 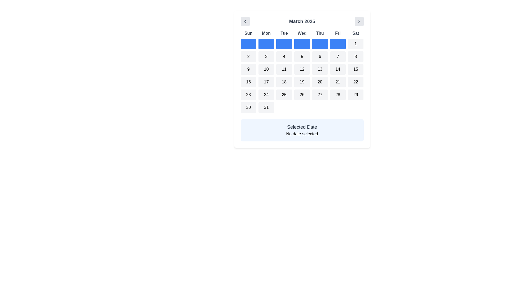 I want to click on the text label displaying 'Thu', which is the fifth element in a row representing the days of the week in a calendar grid, so click(x=319, y=33).